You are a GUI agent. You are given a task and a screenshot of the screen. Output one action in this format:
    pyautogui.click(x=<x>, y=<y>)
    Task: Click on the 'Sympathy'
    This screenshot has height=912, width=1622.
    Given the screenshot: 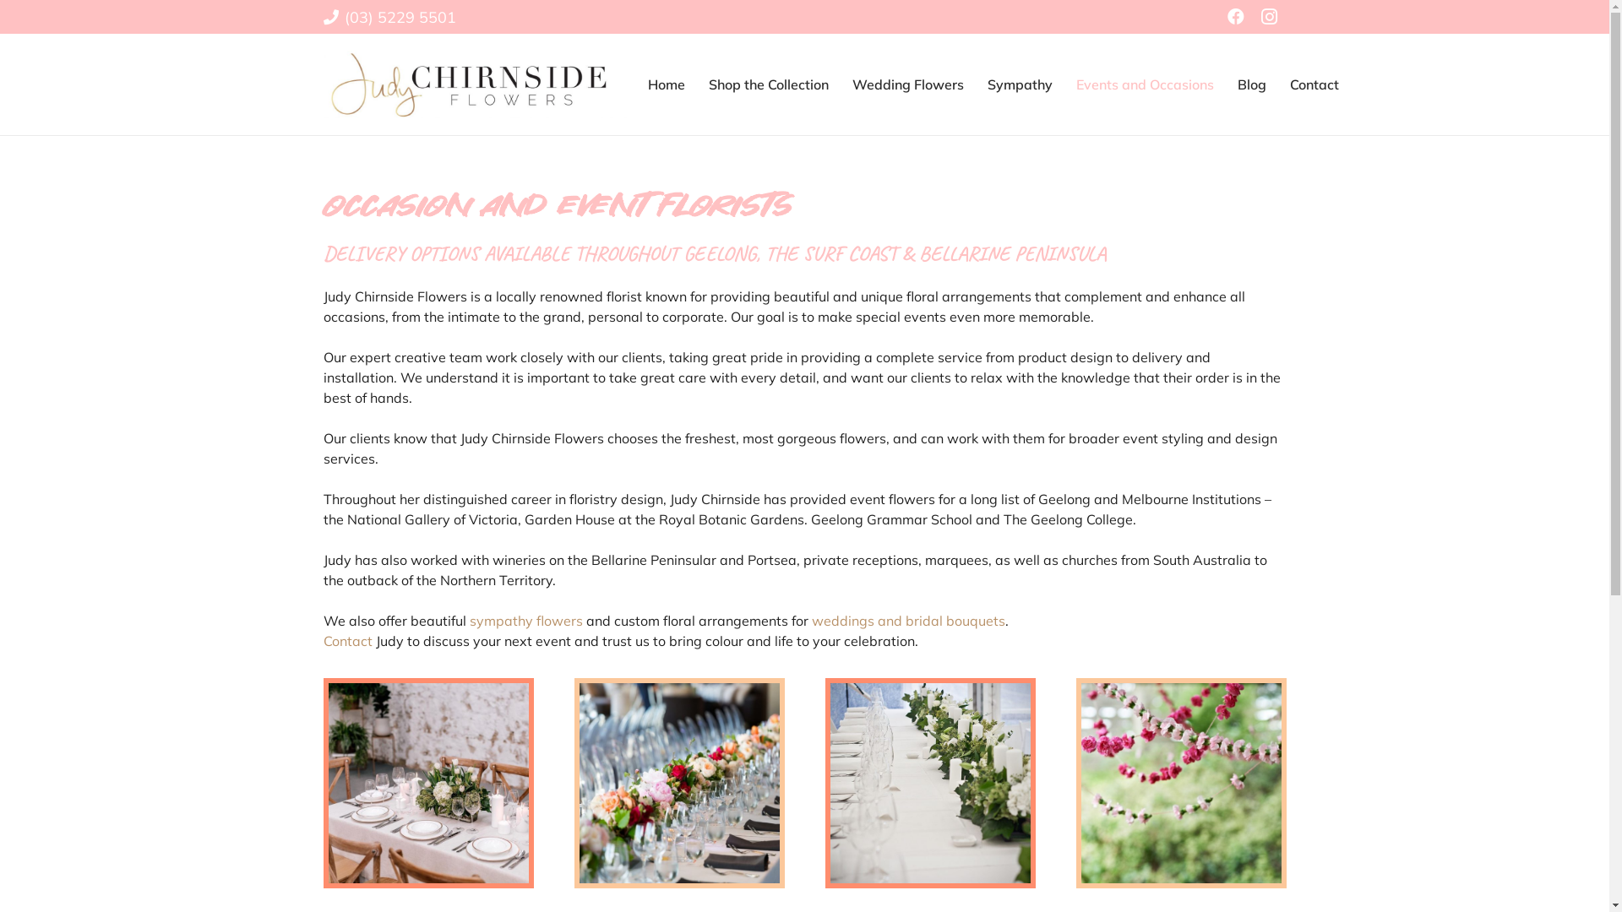 What is the action you would take?
    pyautogui.click(x=1019, y=84)
    